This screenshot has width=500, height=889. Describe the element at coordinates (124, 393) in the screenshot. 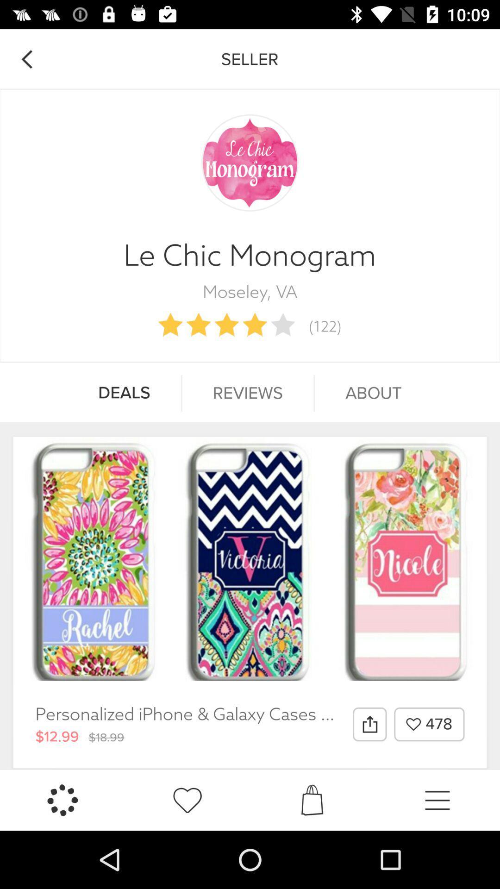

I see `deals` at that location.